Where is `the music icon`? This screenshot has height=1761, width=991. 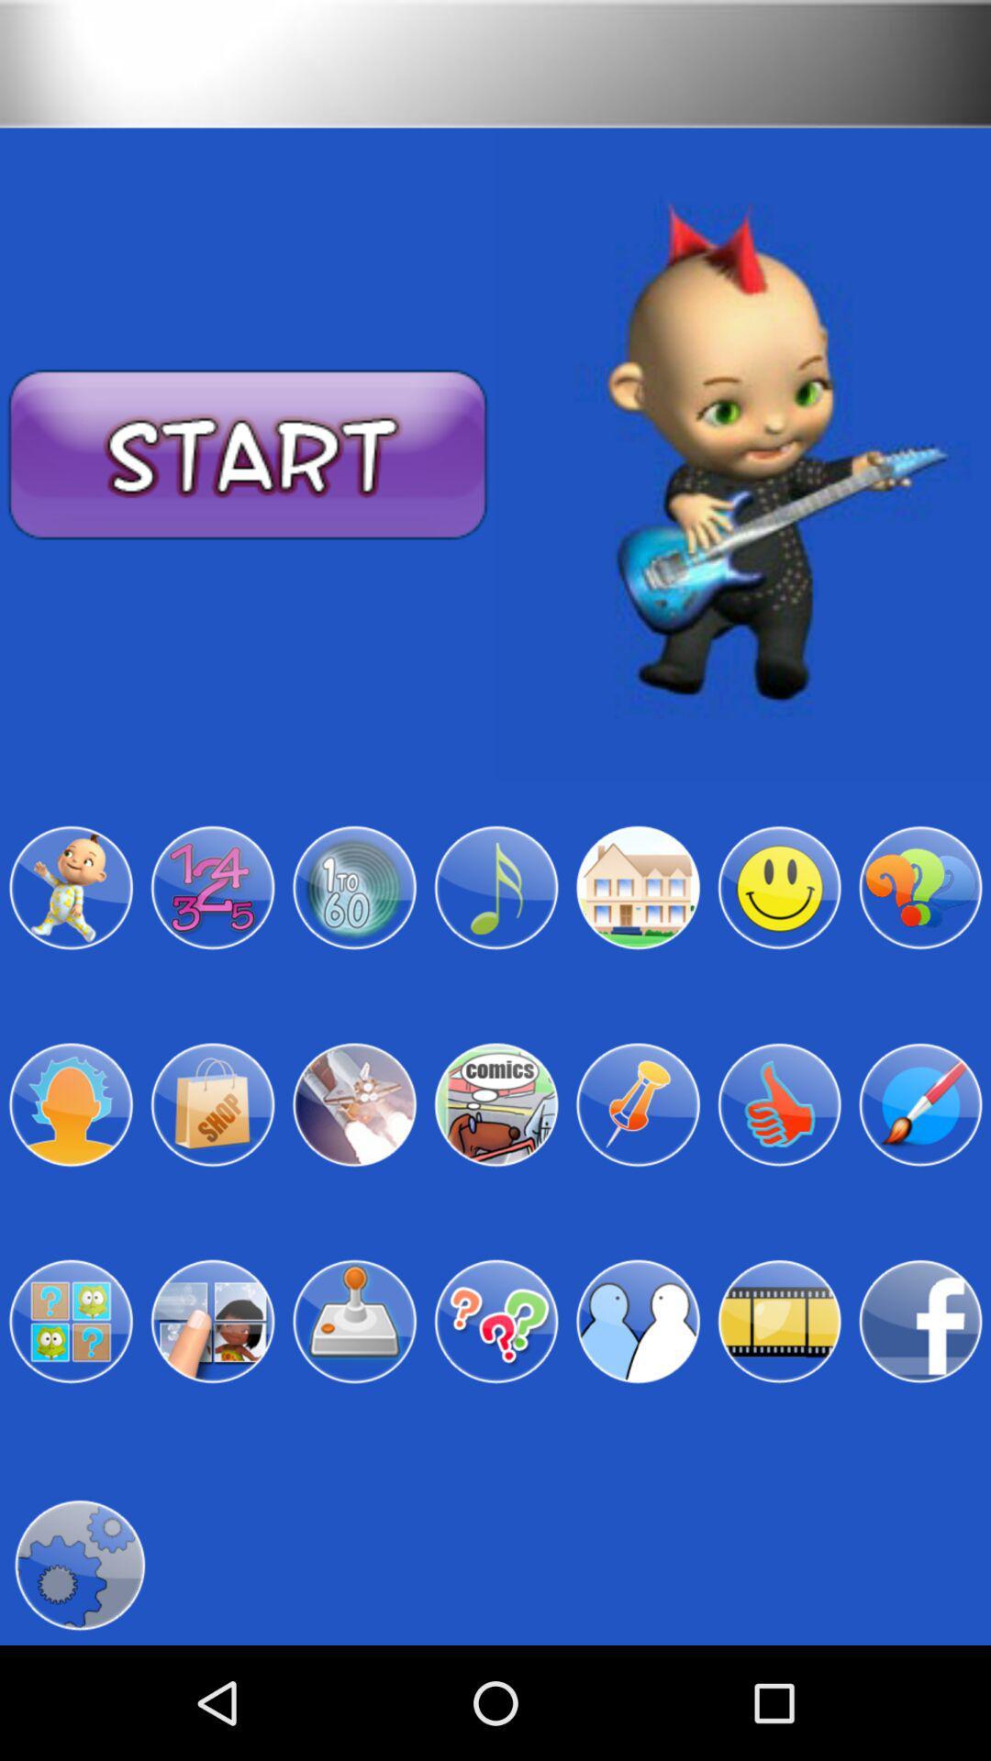
the music icon is located at coordinates (495, 950).